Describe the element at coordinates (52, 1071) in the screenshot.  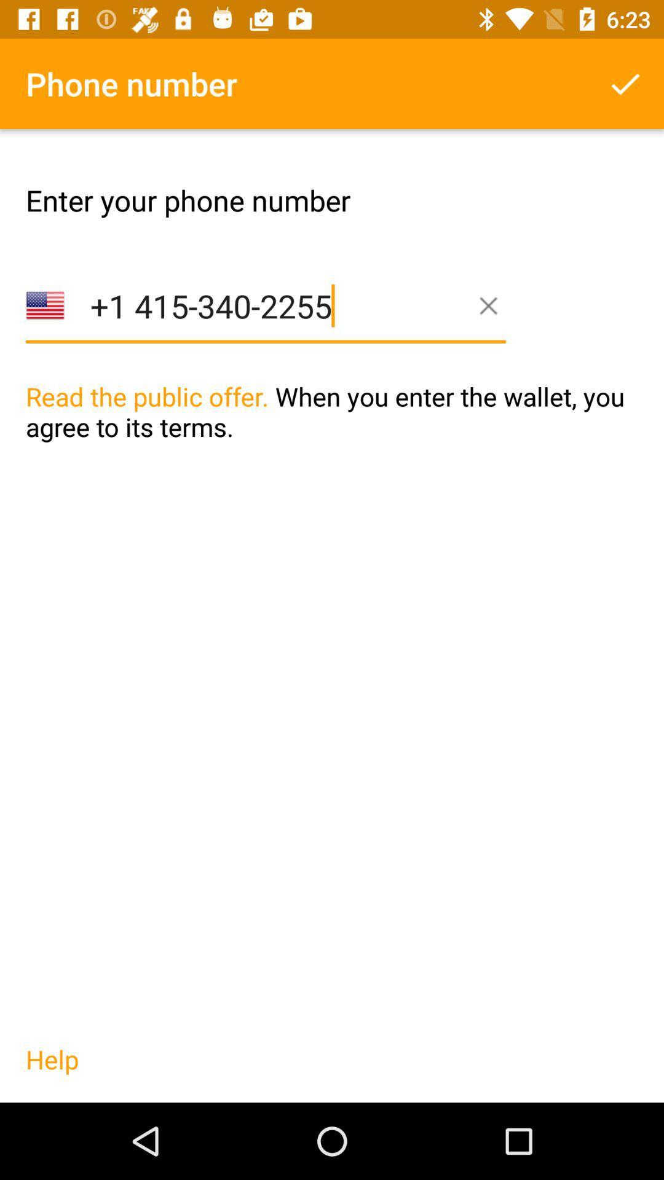
I see `help` at that location.